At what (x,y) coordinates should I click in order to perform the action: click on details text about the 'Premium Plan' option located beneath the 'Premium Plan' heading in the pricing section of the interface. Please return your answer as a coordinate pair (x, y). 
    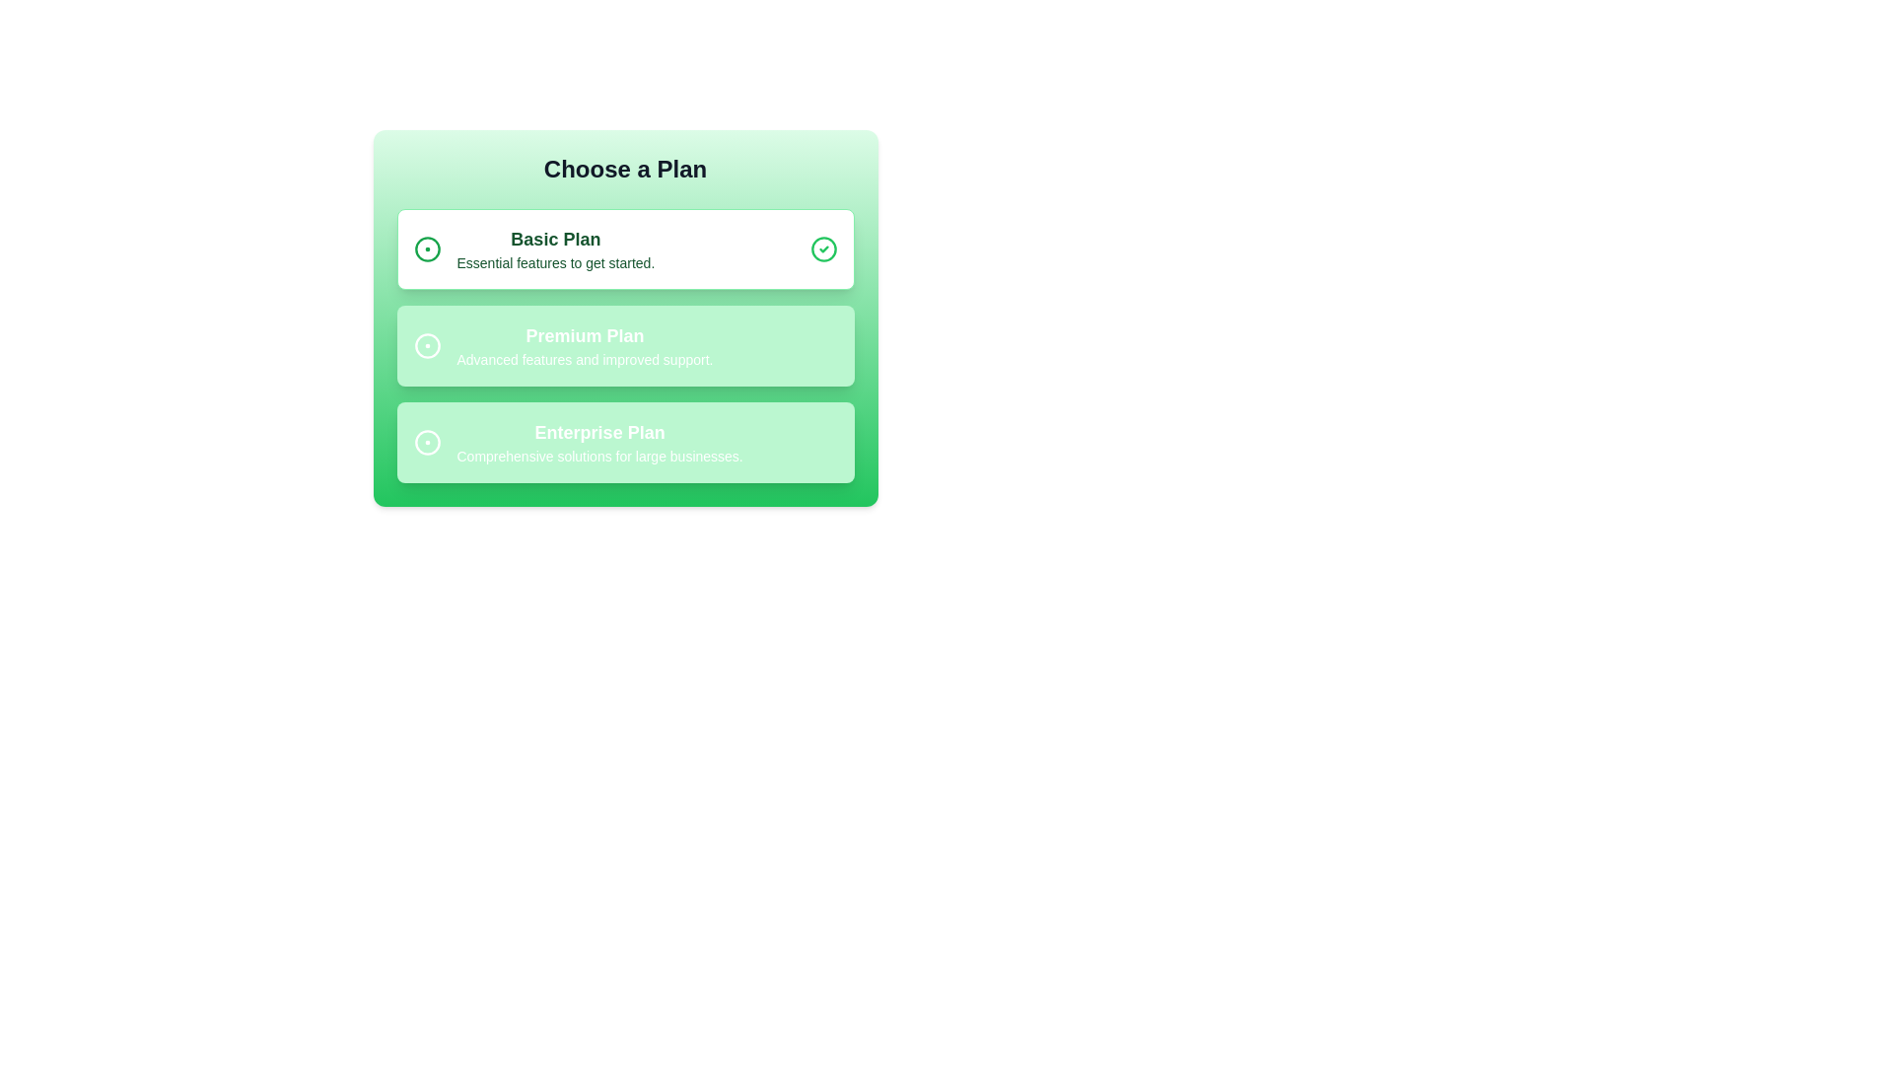
    Looking at the image, I should click on (584, 360).